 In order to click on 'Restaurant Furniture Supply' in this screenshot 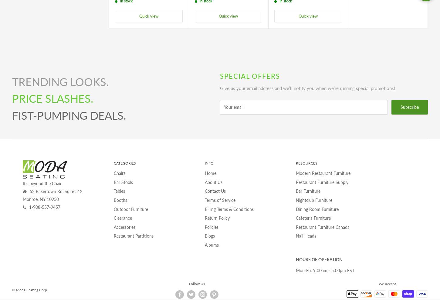, I will do `click(322, 182)`.